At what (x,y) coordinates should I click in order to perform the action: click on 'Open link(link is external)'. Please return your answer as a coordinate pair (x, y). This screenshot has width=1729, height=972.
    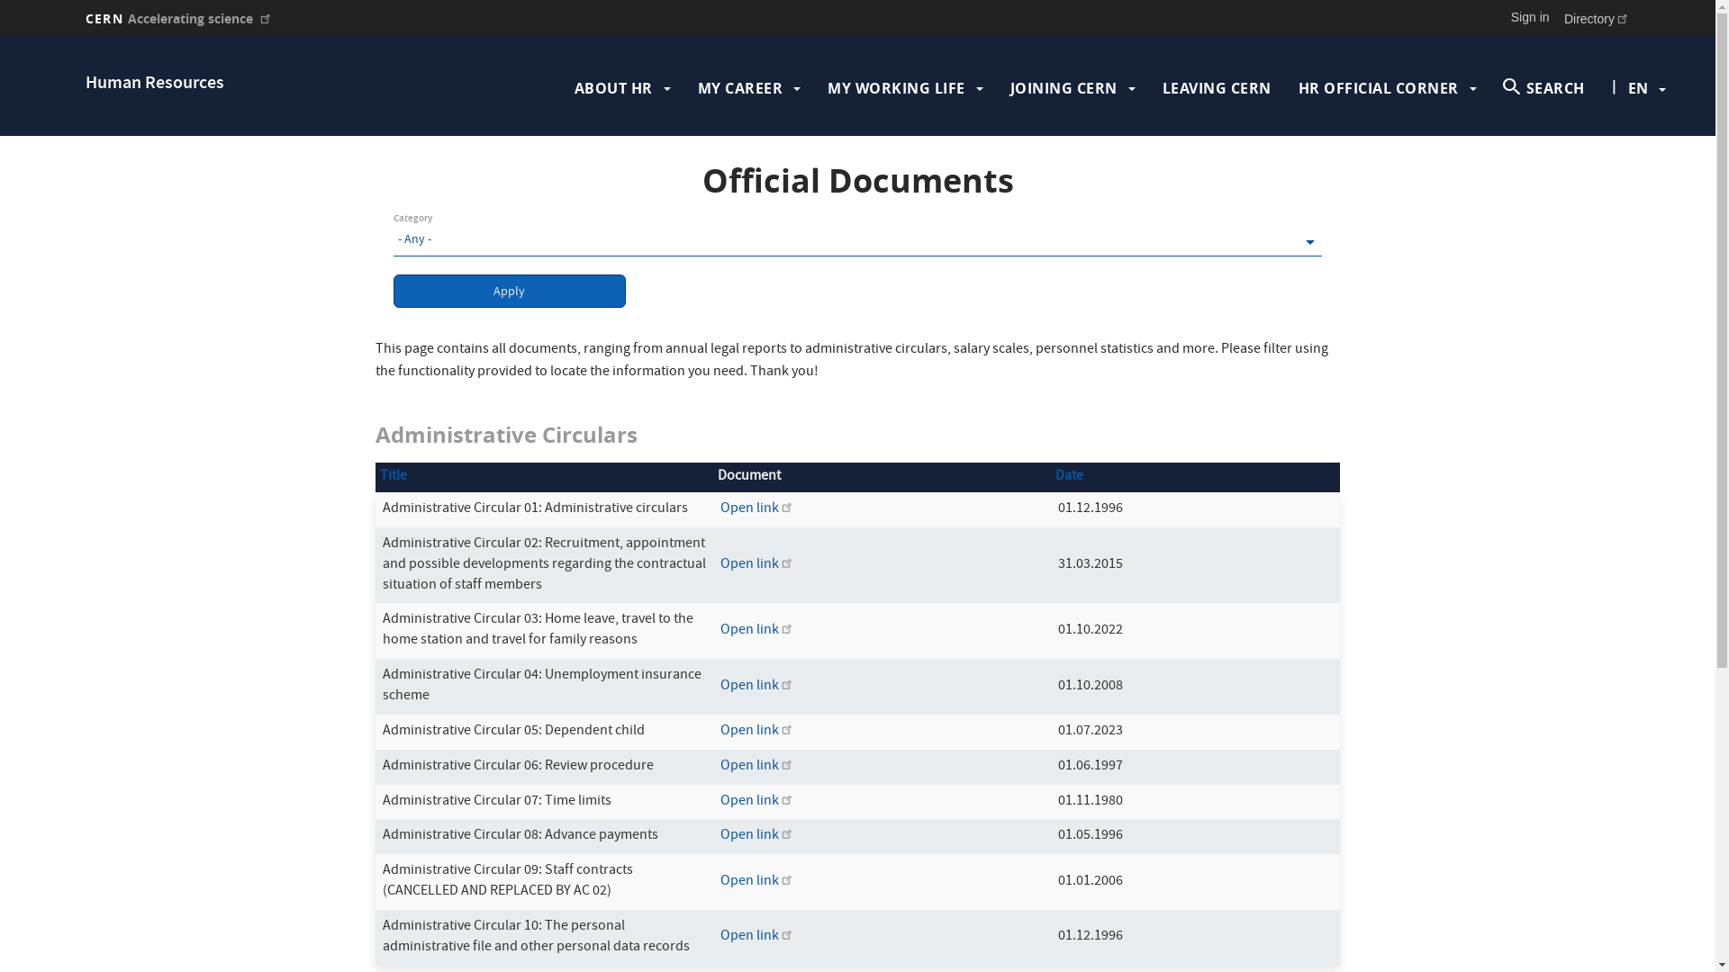
    Looking at the image, I should click on (756, 767).